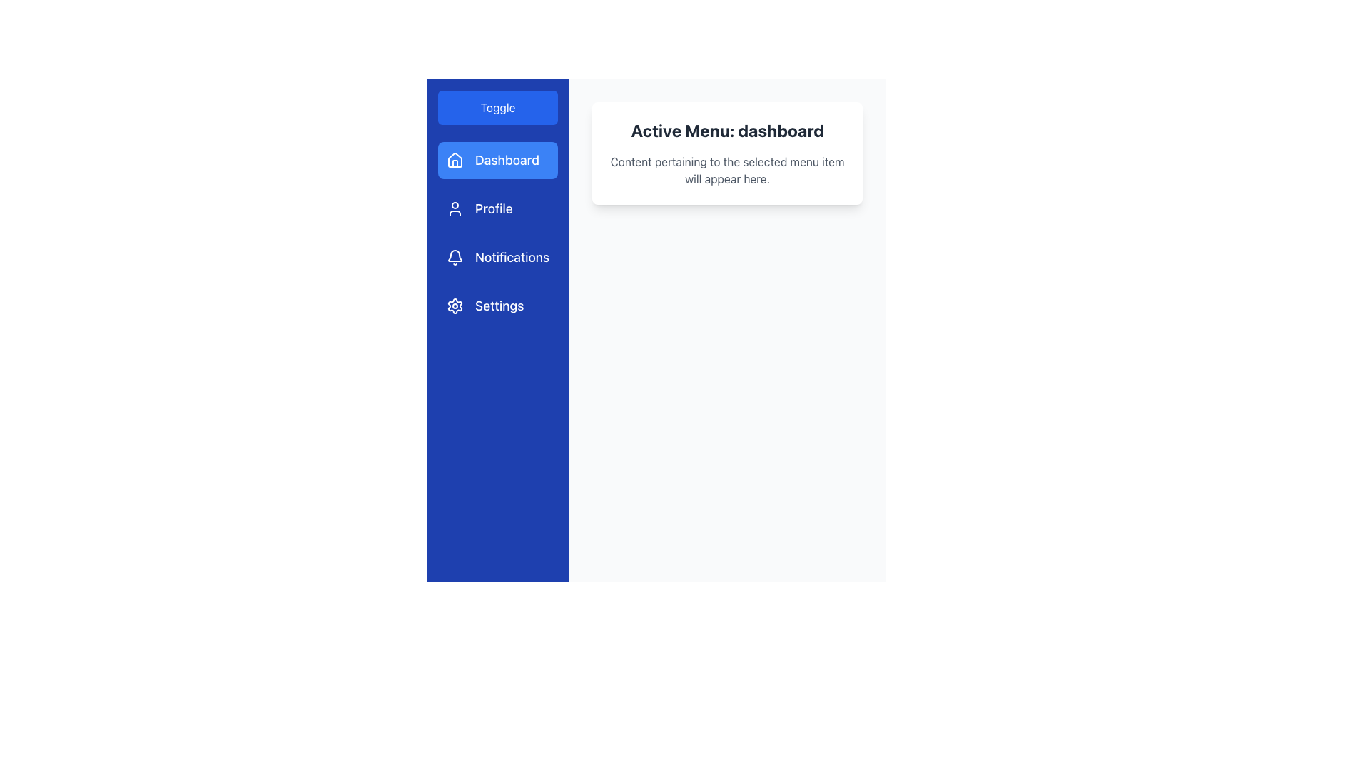 The image size is (1370, 771). What do you see at coordinates (455, 159) in the screenshot?
I see `the small house-shaped icon, which is a decorative element within the blue 'Dashboard' button, by hovering over it` at bounding box center [455, 159].